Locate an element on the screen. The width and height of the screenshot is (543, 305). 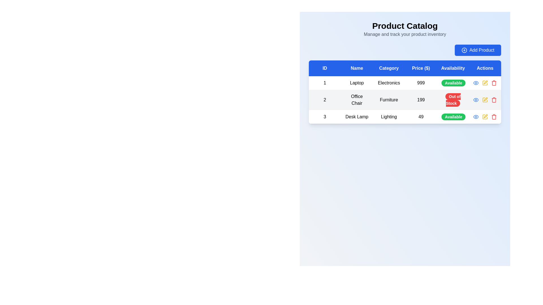
the 'Lighting' text label in the 'Category' column of the third row for the 'Desk Lamp' in the 'Product Catalog' table is located at coordinates (389, 116).